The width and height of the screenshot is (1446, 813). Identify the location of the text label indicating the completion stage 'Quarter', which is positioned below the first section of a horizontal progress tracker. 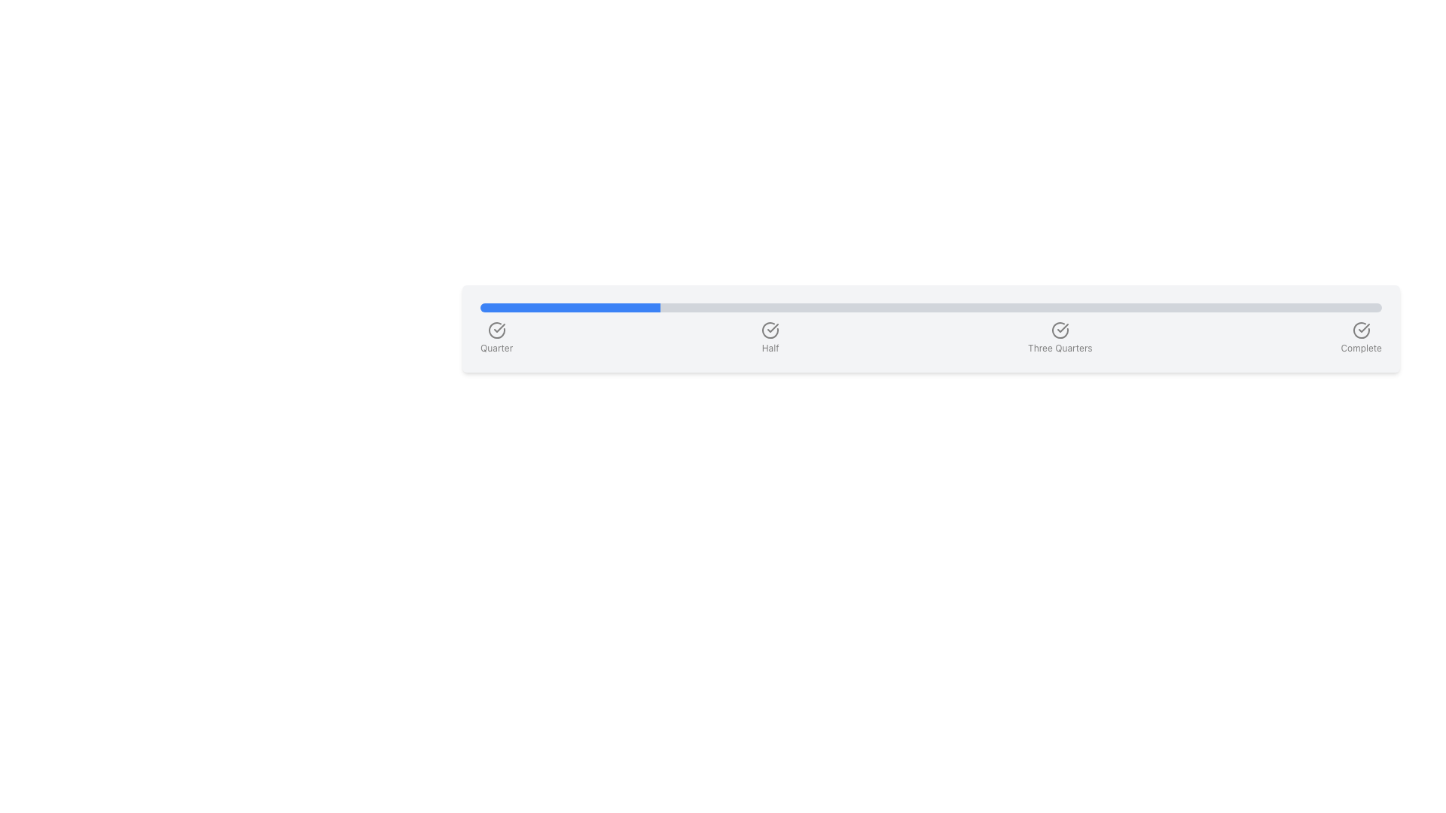
(496, 348).